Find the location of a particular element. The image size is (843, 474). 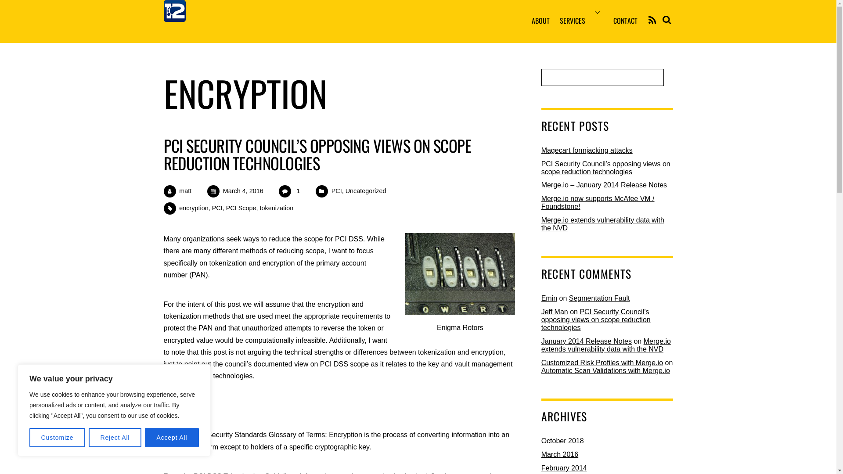

'Segmentation Fault' is located at coordinates (599, 298).